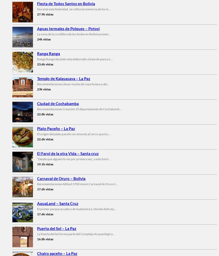  I want to click on '23.6k vistas', so click(45, 64).